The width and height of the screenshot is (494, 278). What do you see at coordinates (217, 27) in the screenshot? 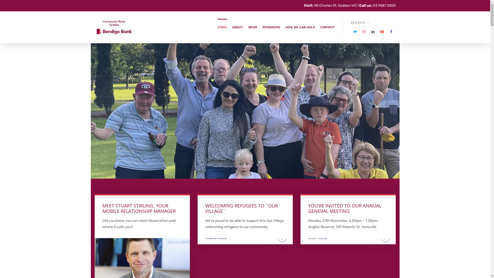
I see `'HOME'` at bounding box center [217, 27].